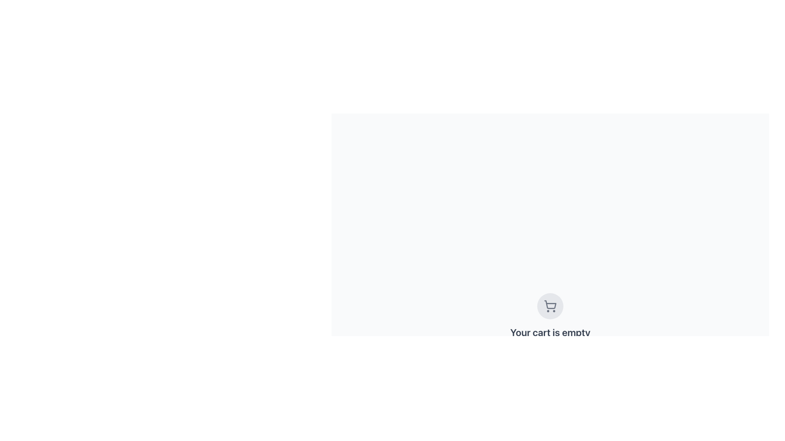 The height and width of the screenshot is (441, 785). I want to click on the circular gray shopping cart icon located above the text 'Your cart is empty', so click(550, 306).